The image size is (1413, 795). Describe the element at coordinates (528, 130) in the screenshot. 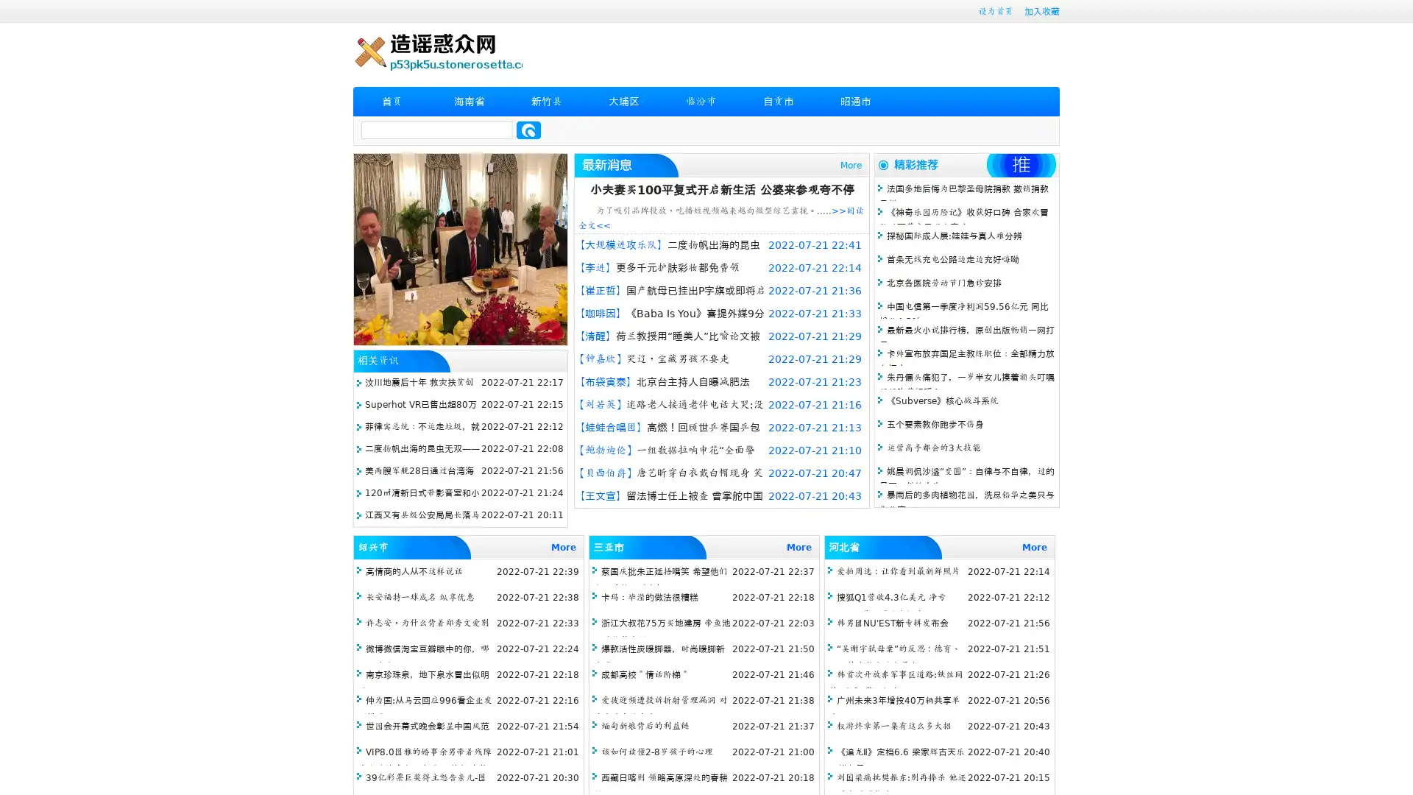

I see `Search` at that location.